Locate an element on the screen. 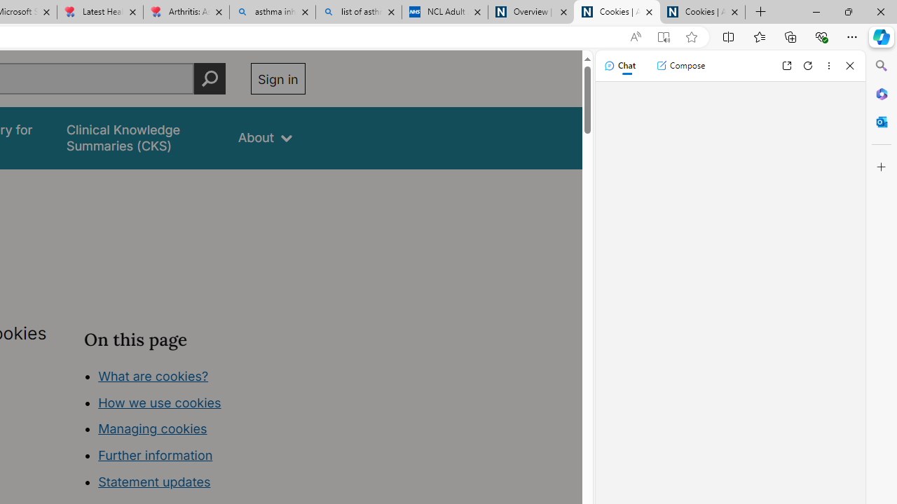  'list of asthma inhalers uk - Search' is located at coordinates (359, 12).